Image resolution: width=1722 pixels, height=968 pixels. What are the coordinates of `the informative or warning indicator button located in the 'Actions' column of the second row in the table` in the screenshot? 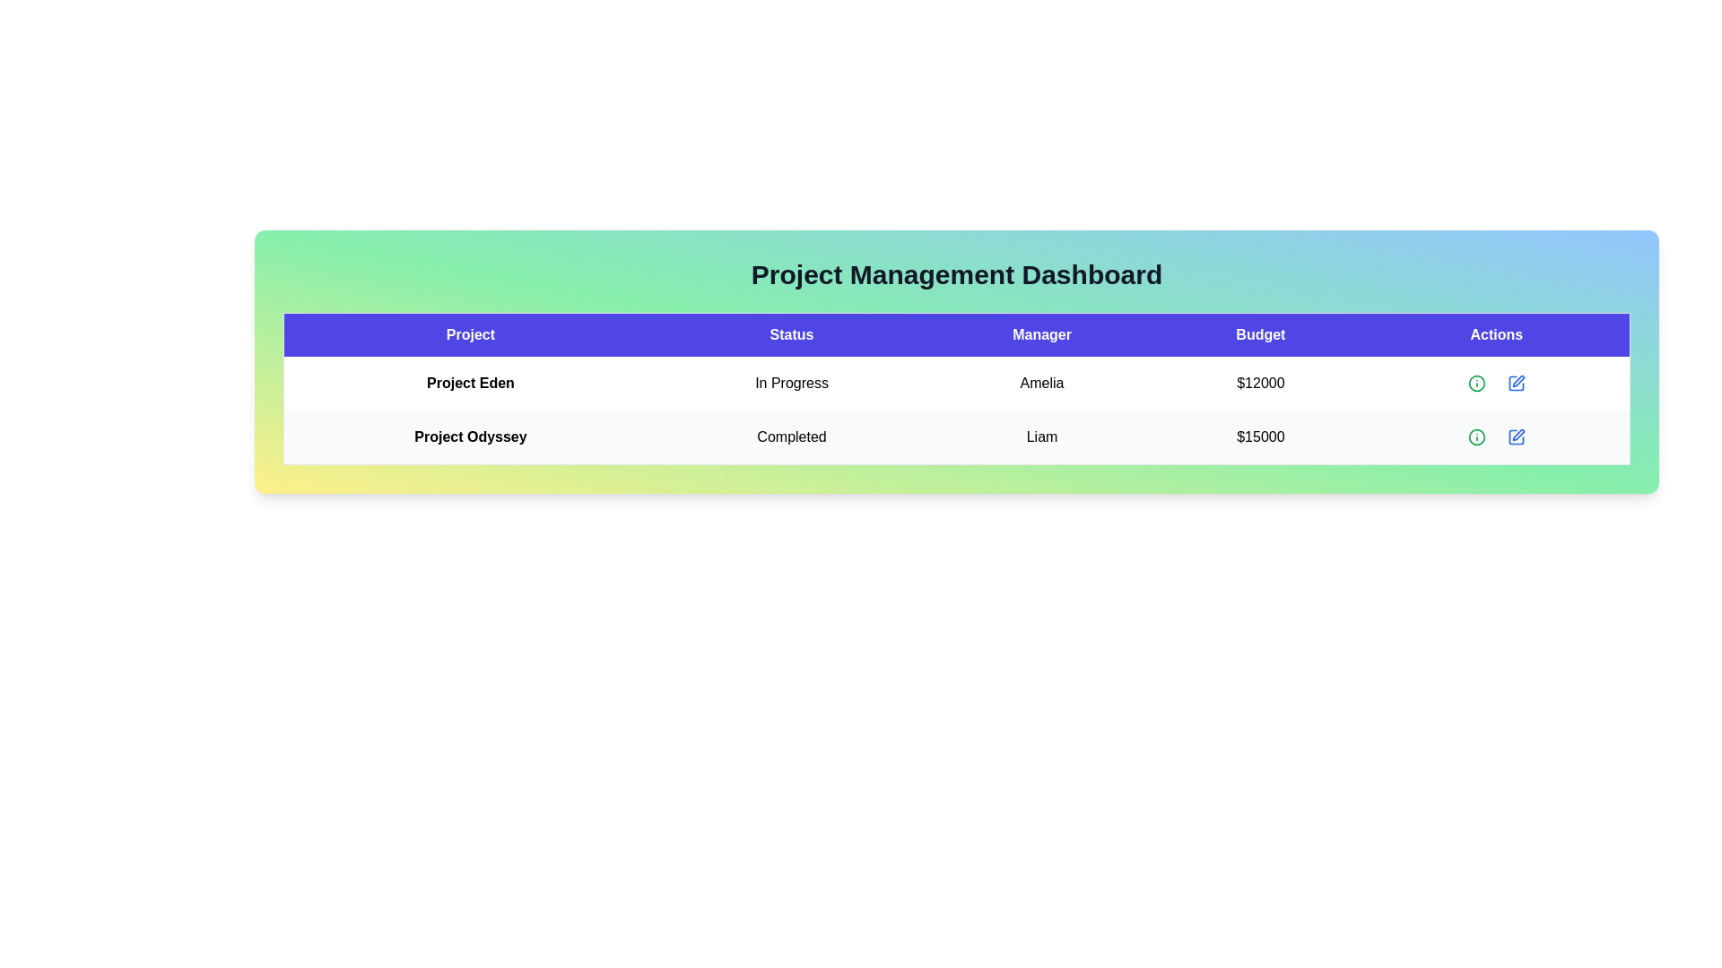 It's located at (1476, 437).